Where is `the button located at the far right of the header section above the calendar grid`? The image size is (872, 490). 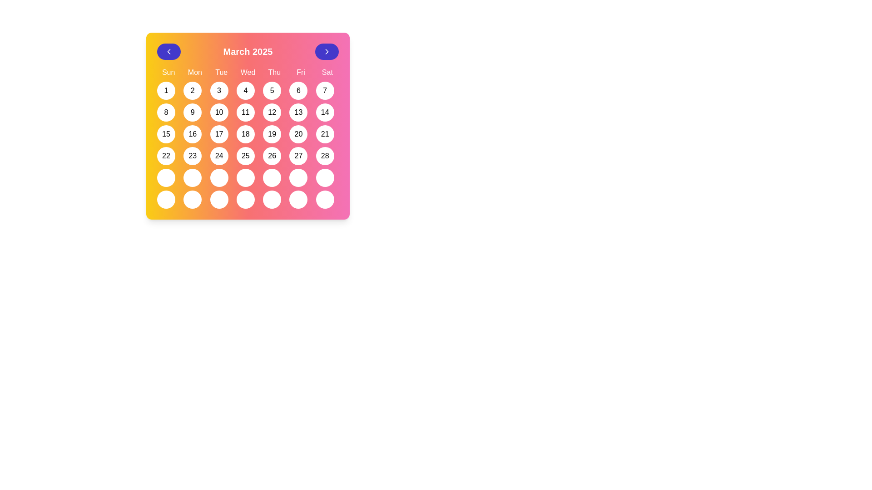 the button located at the far right of the header section above the calendar grid is located at coordinates (327, 52).